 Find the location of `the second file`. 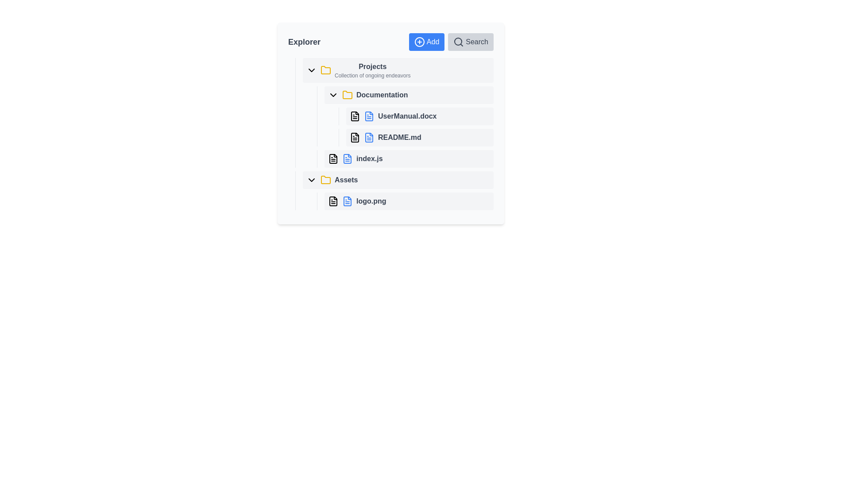

the second file is located at coordinates (401, 127).